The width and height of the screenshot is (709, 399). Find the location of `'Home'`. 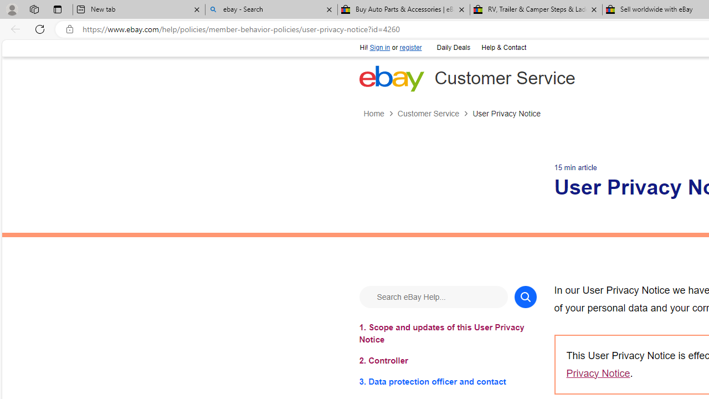

'Home' is located at coordinates (373, 114).